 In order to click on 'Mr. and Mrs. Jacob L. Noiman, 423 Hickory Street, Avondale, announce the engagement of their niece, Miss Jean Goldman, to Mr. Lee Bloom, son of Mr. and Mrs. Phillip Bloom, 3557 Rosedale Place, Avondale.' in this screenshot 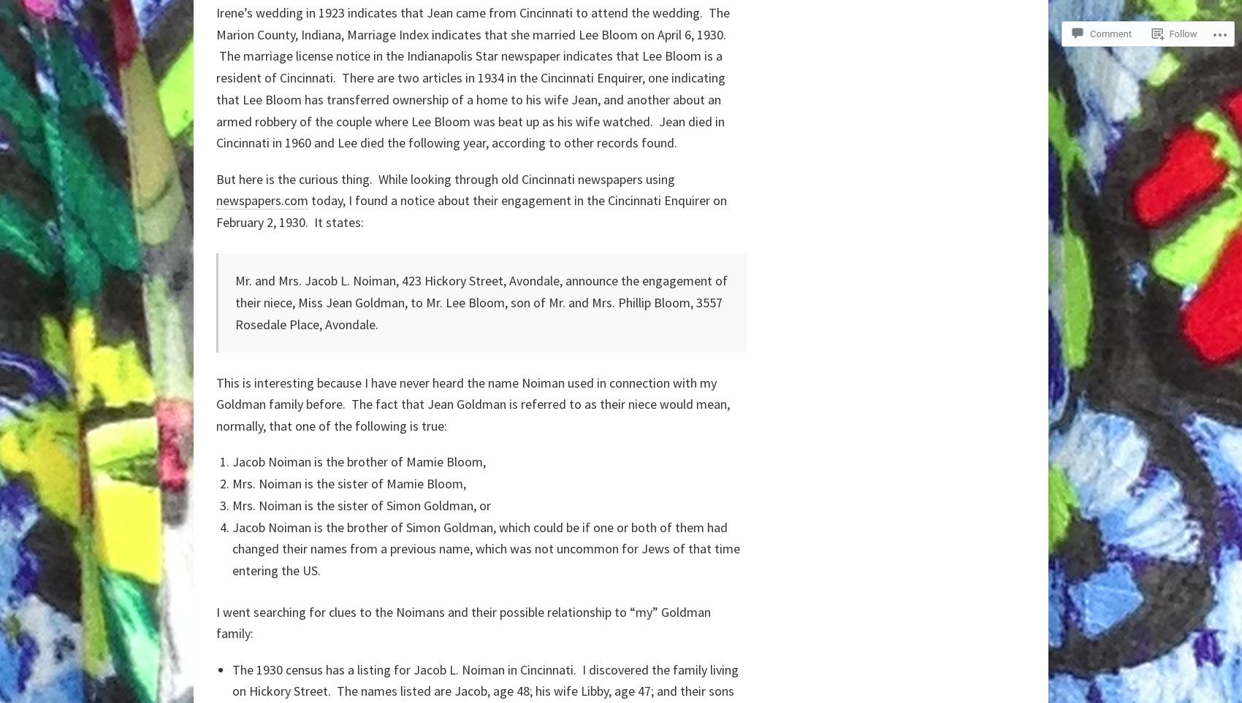, I will do `click(481, 301)`.